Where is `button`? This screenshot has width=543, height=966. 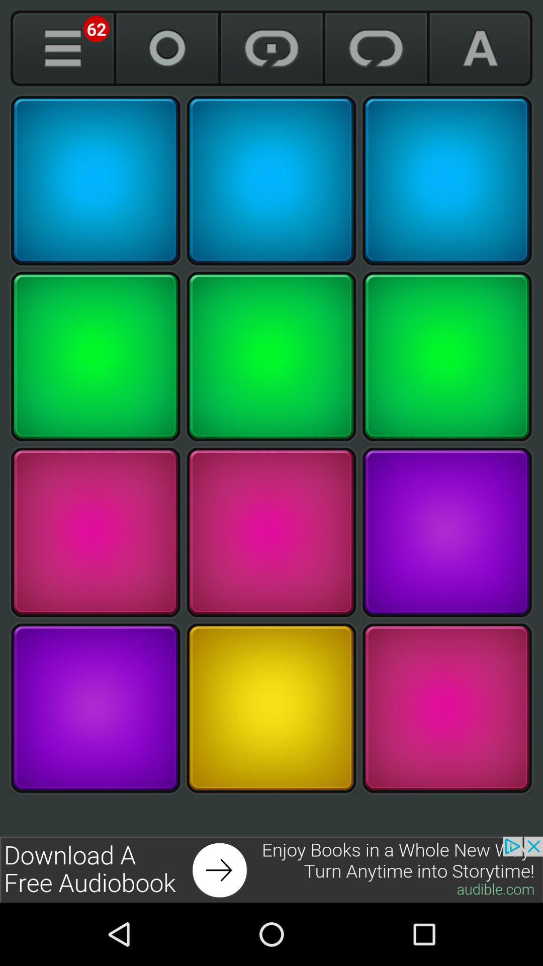
button is located at coordinates (96, 707).